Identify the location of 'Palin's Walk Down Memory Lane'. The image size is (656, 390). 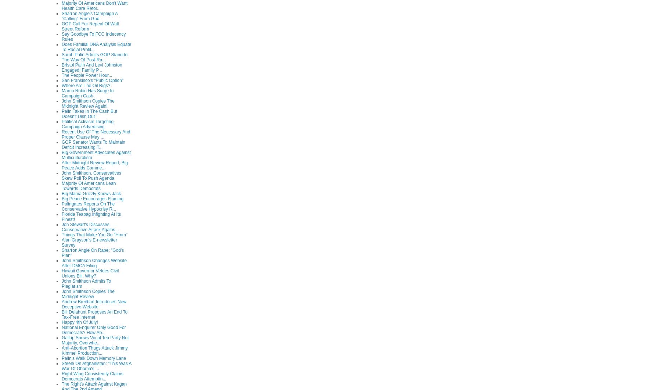
(93, 357).